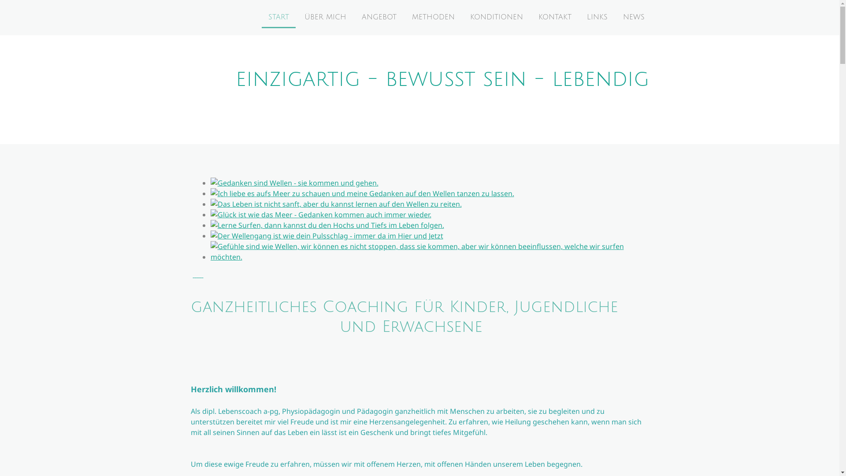 The height and width of the screenshot is (476, 846). I want to click on 'START', so click(261, 17).